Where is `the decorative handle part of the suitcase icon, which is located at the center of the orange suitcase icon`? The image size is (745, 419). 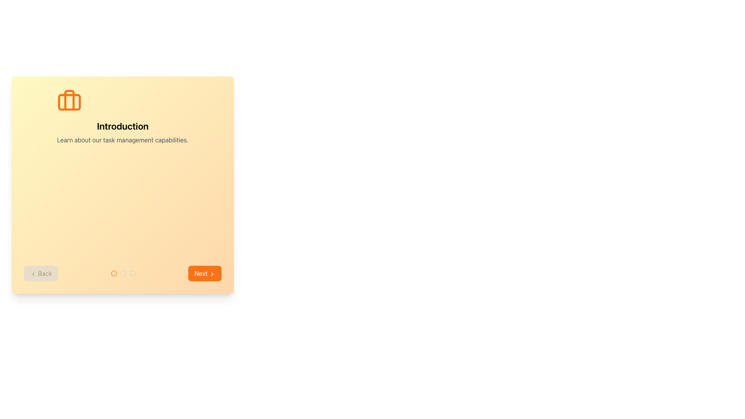
the decorative handle part of the suitcase icon, which is located at the center of the orange suitcase icon is located at coordinates (69, 100).